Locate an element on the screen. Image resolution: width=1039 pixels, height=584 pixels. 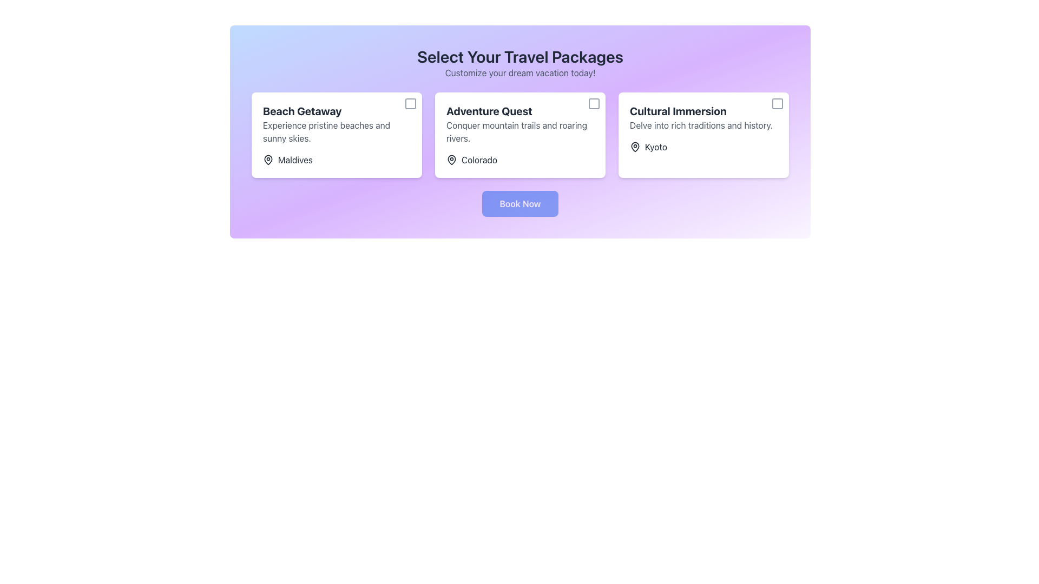
the location marker icon located at the bottom-left corner of the leftmost card, next to the text 'Maldives' is located at coordinates (268, 159).